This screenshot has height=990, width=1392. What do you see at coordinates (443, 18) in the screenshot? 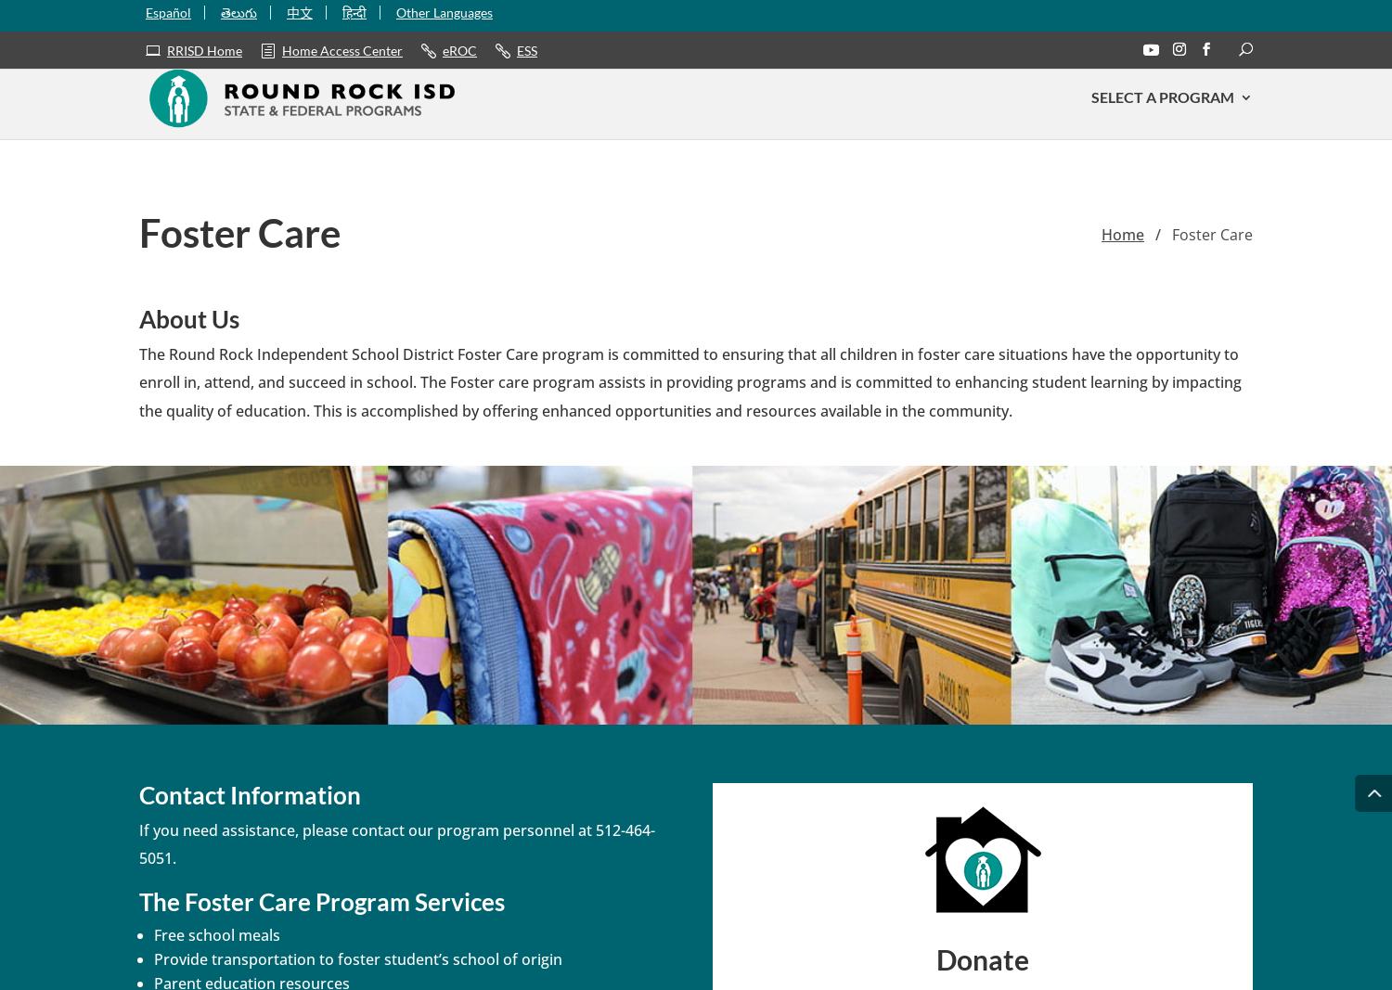
I see `'Other Languages'` at bounding box center [443, 18].